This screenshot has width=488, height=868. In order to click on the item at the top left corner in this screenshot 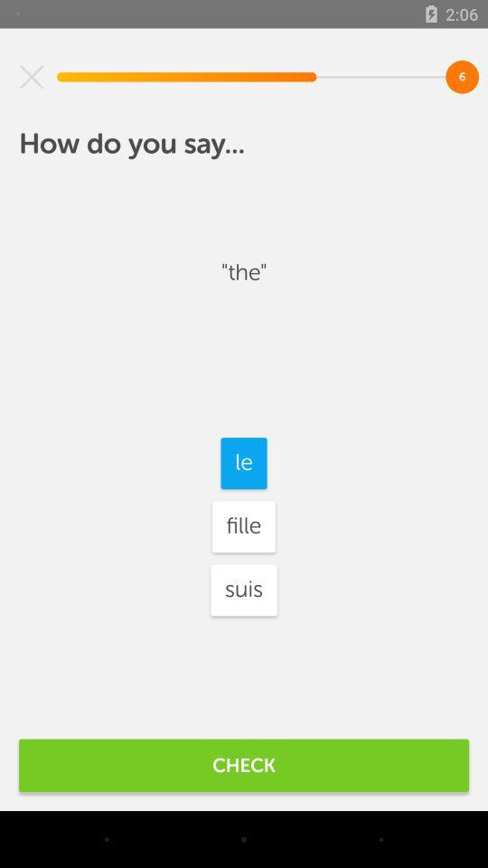, I will do `click(32, 77)`.